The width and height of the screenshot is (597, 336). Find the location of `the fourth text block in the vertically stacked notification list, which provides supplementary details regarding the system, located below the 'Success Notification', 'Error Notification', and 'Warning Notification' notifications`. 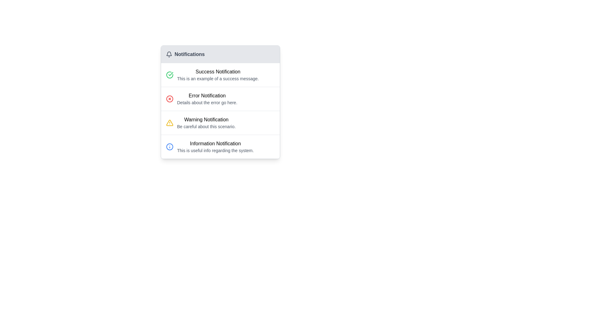

the fourth text block in the vertically stacked notification list, which provides supplementary details regarding the system, located below the 'Success Notification', 'Error Notification', and 'Warning Notification' notifications is located at coordinates (215, 147).